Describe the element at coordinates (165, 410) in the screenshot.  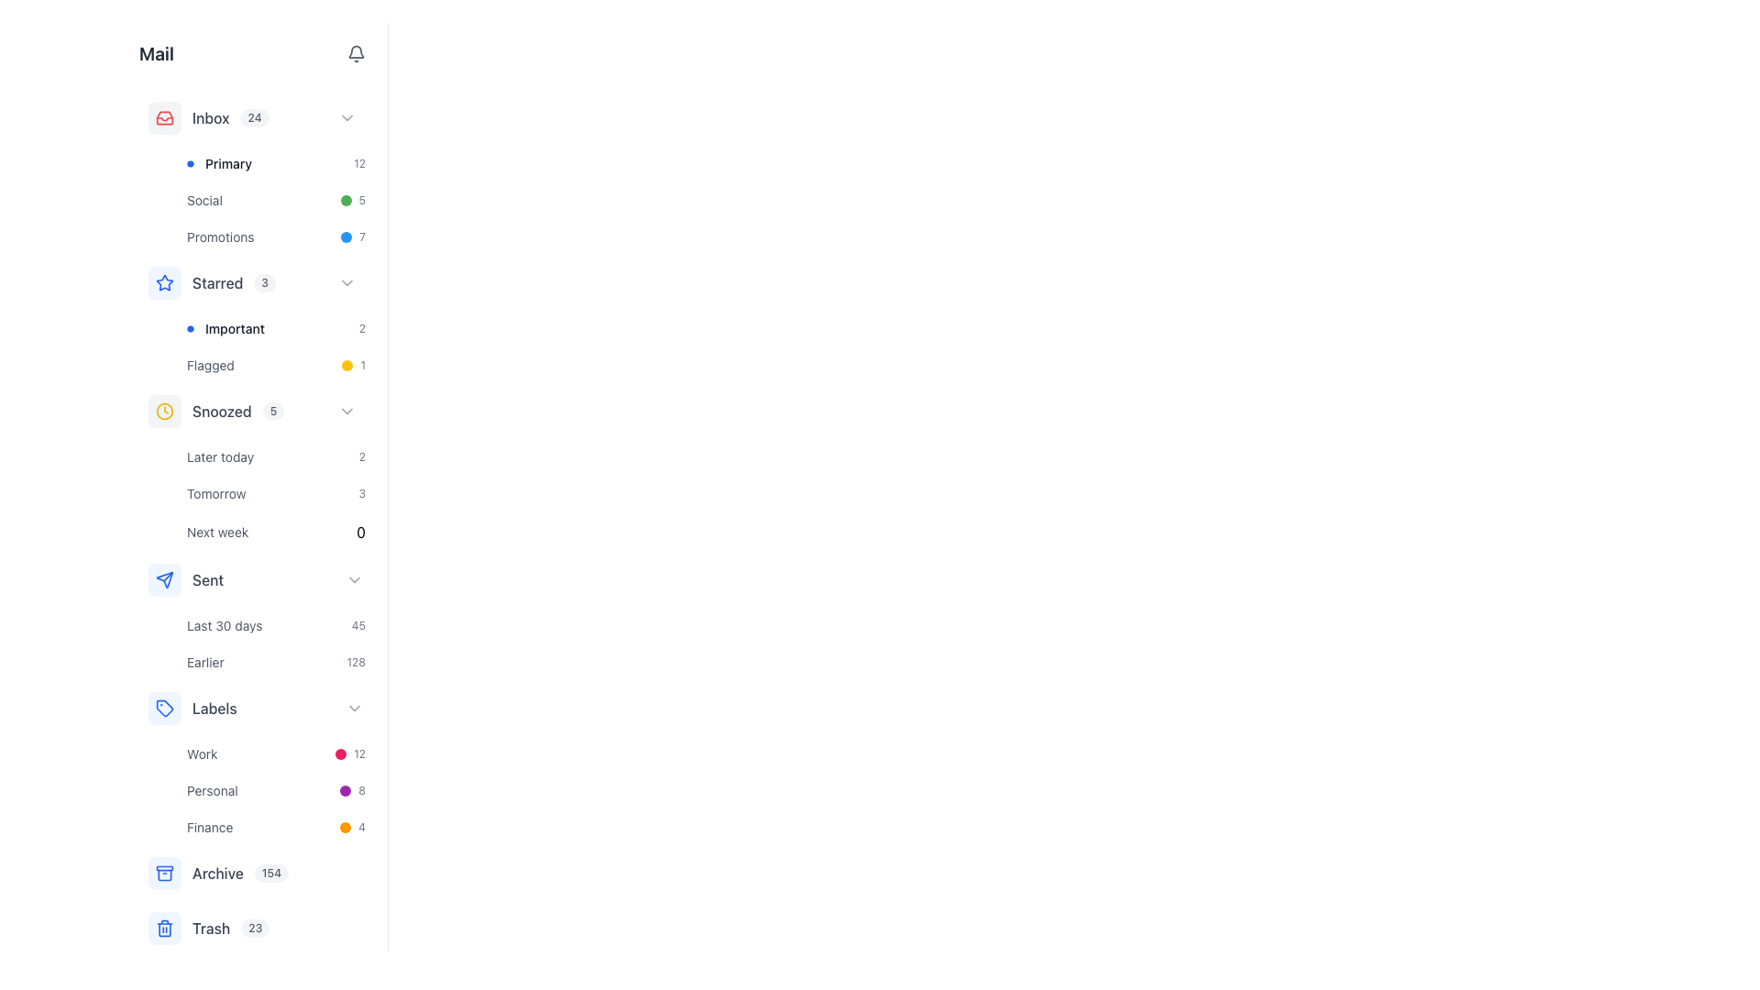
I see `the central circle of the clock icon located in the 'Snoozed' section of the sidebar, which has a golden yellow outline and a white background` at that location.